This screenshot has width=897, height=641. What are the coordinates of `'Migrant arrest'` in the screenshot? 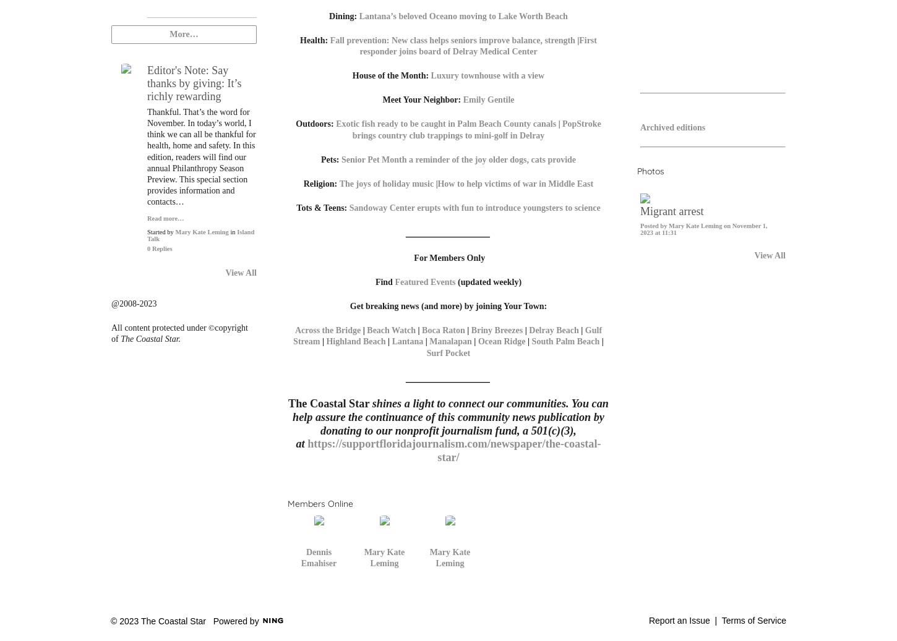 It's located at (672, 211).